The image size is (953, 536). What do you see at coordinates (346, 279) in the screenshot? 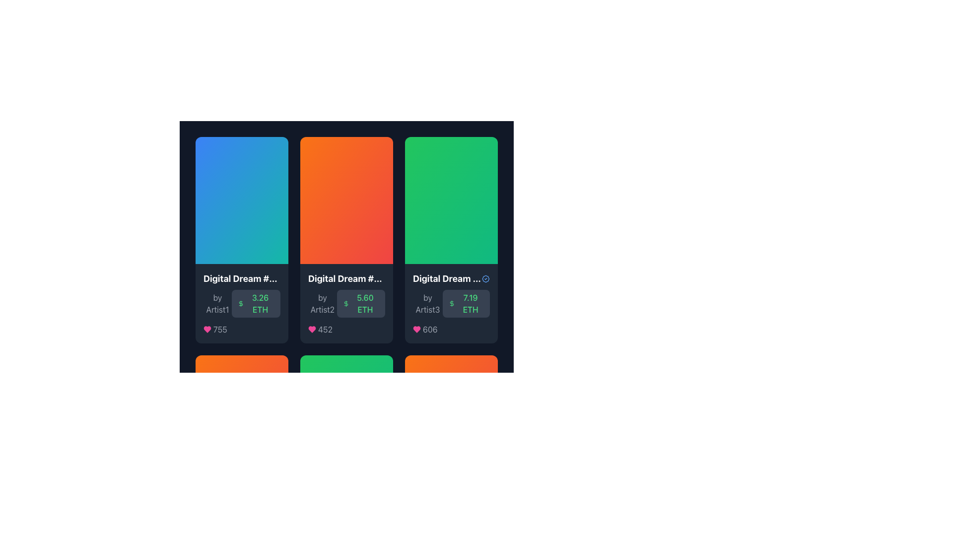
I see `the static text label displaying 'Digital Dream #7323' in bold white font, located in the second card of a horizontal row of cards` at bounding box center [346, 279].